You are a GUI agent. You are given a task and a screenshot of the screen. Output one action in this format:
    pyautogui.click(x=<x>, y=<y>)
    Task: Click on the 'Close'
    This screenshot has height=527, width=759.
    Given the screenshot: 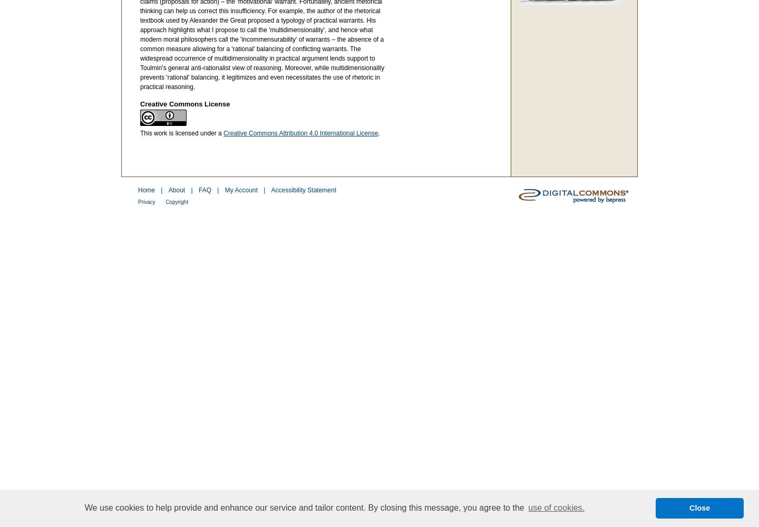 What is the action you would take?
    pyautogui.click(x=699, y=508)
    